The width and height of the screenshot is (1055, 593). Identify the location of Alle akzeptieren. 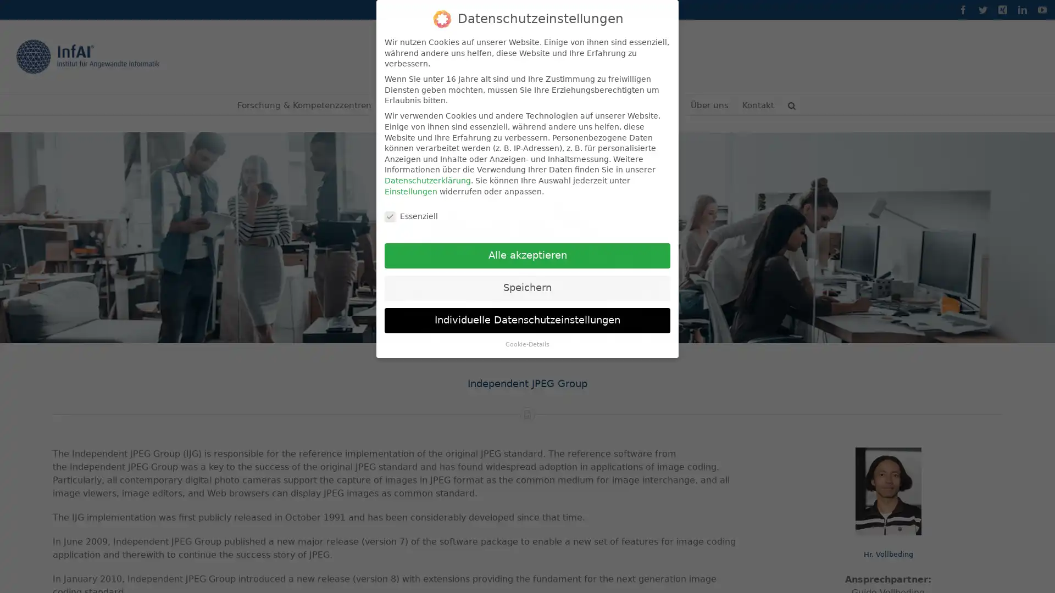
(527, 256).